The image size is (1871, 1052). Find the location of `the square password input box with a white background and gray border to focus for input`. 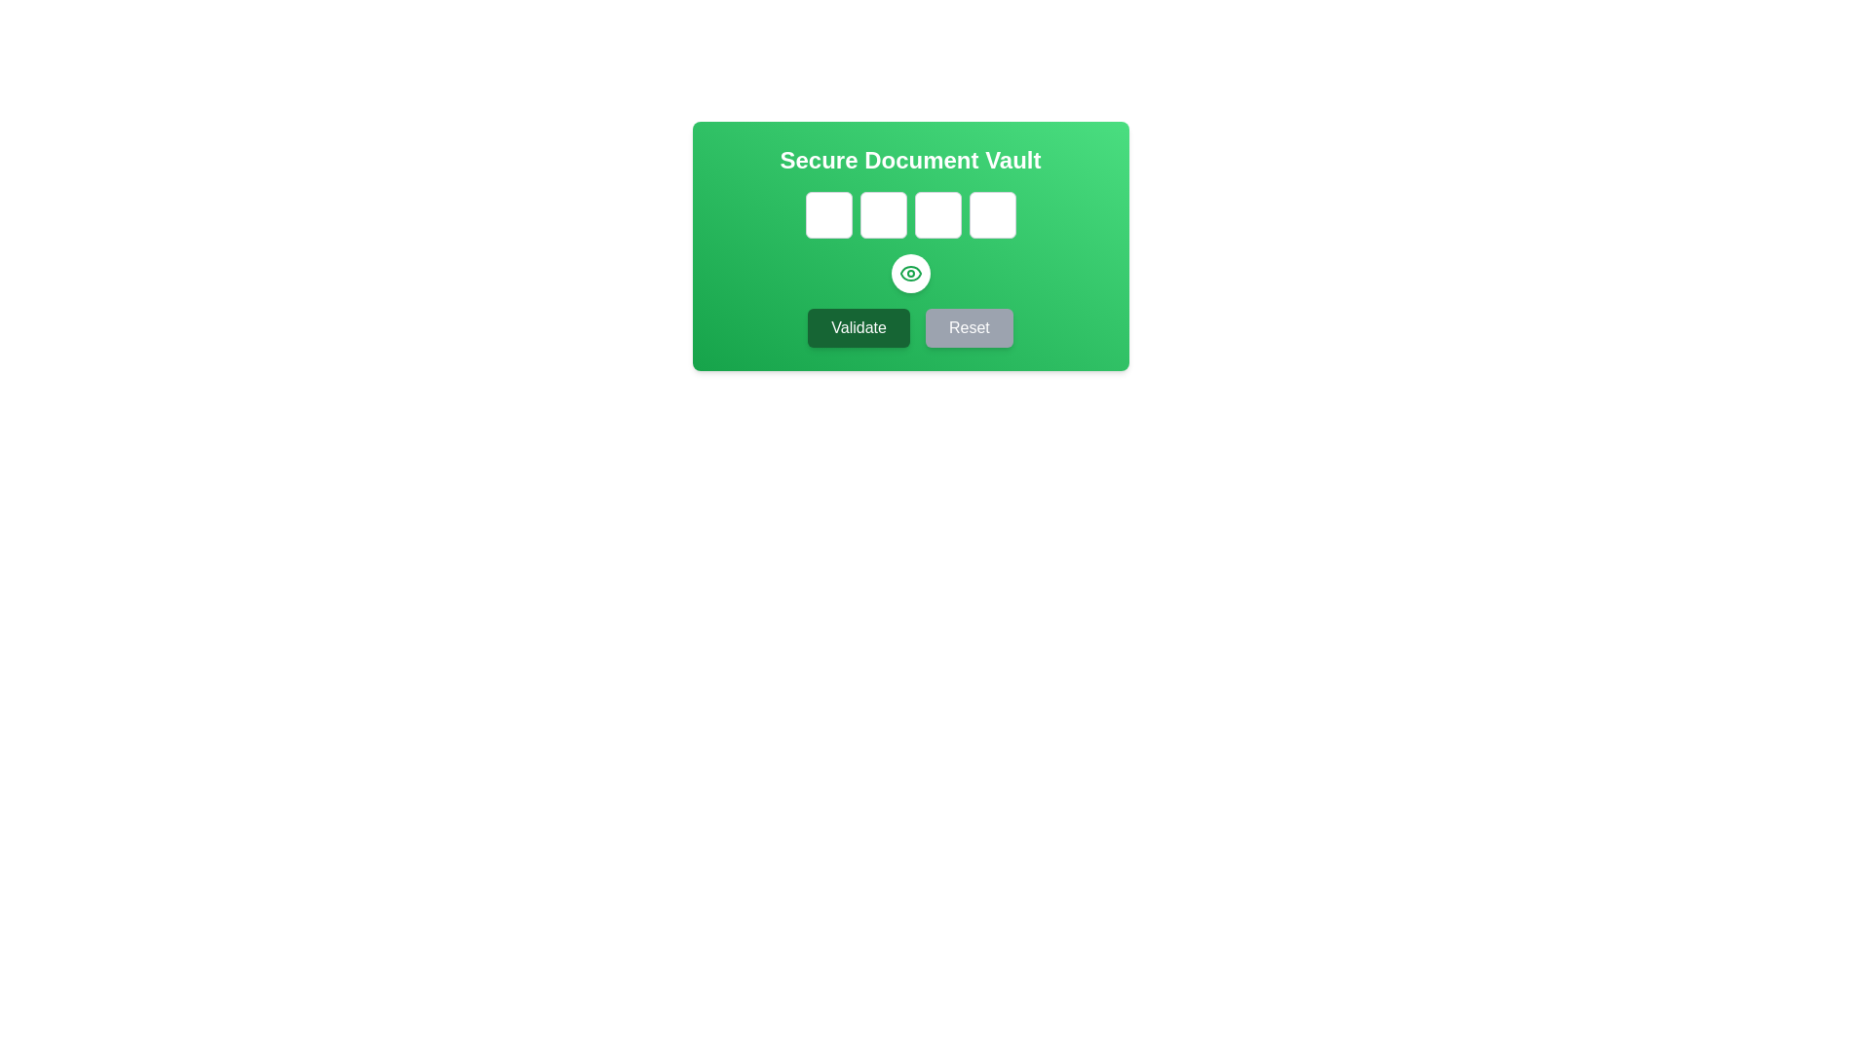

the square password input box with a white background and gray border to focus for input is located at coordinates (882, 214).